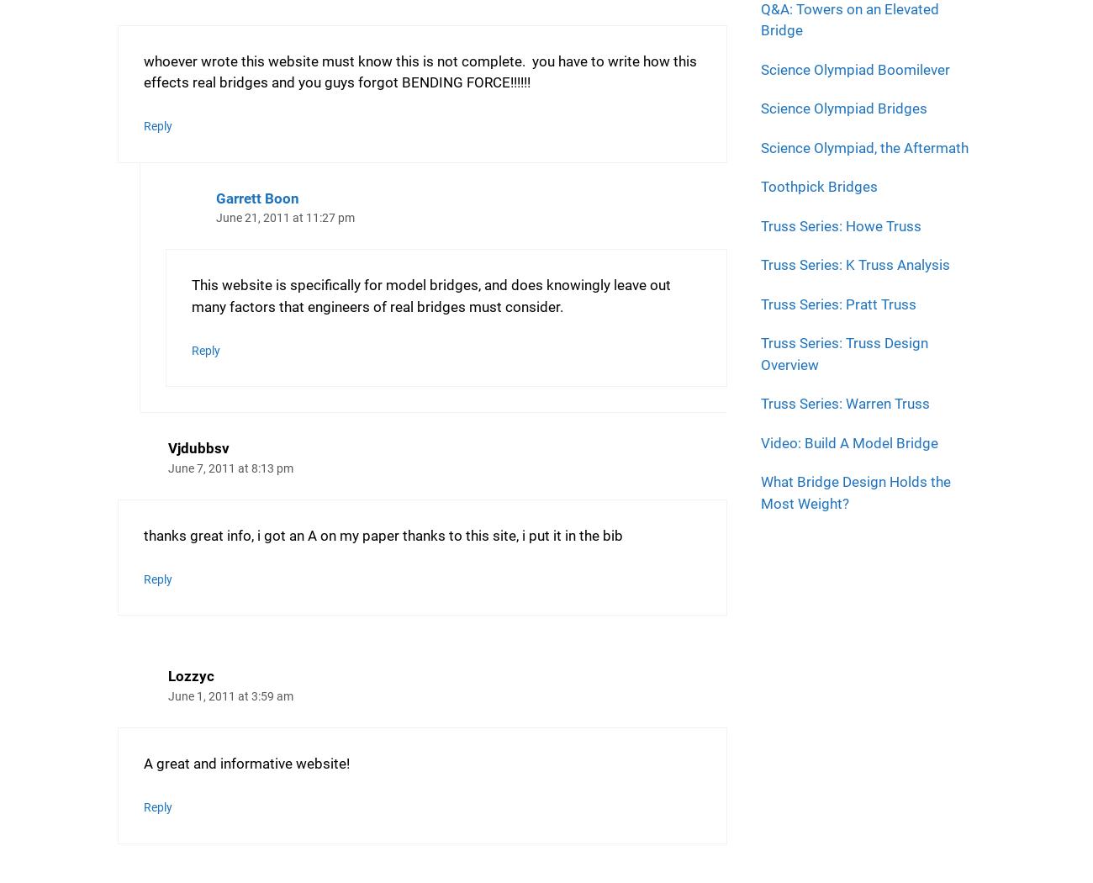 The height and width of the screenshot is (883, 1093). Describe the element at coordinates (383, 534) in the screenshot. I see `'thanks great info, i got an A on my paper thanks to this site, i put it in the bib'` at that location.